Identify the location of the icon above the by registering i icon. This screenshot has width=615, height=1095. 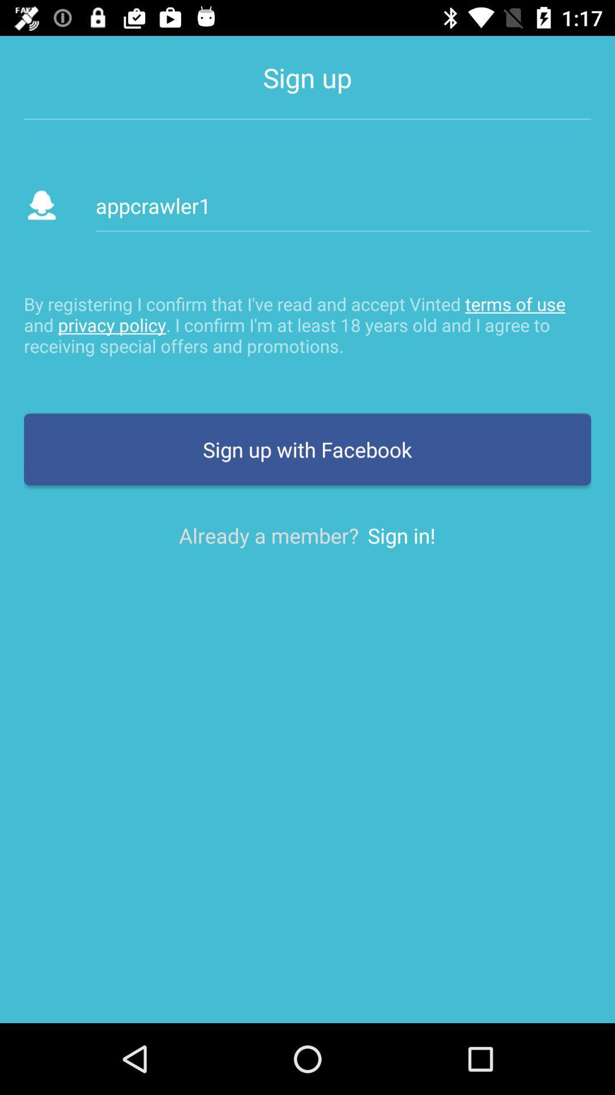
(342, 205).